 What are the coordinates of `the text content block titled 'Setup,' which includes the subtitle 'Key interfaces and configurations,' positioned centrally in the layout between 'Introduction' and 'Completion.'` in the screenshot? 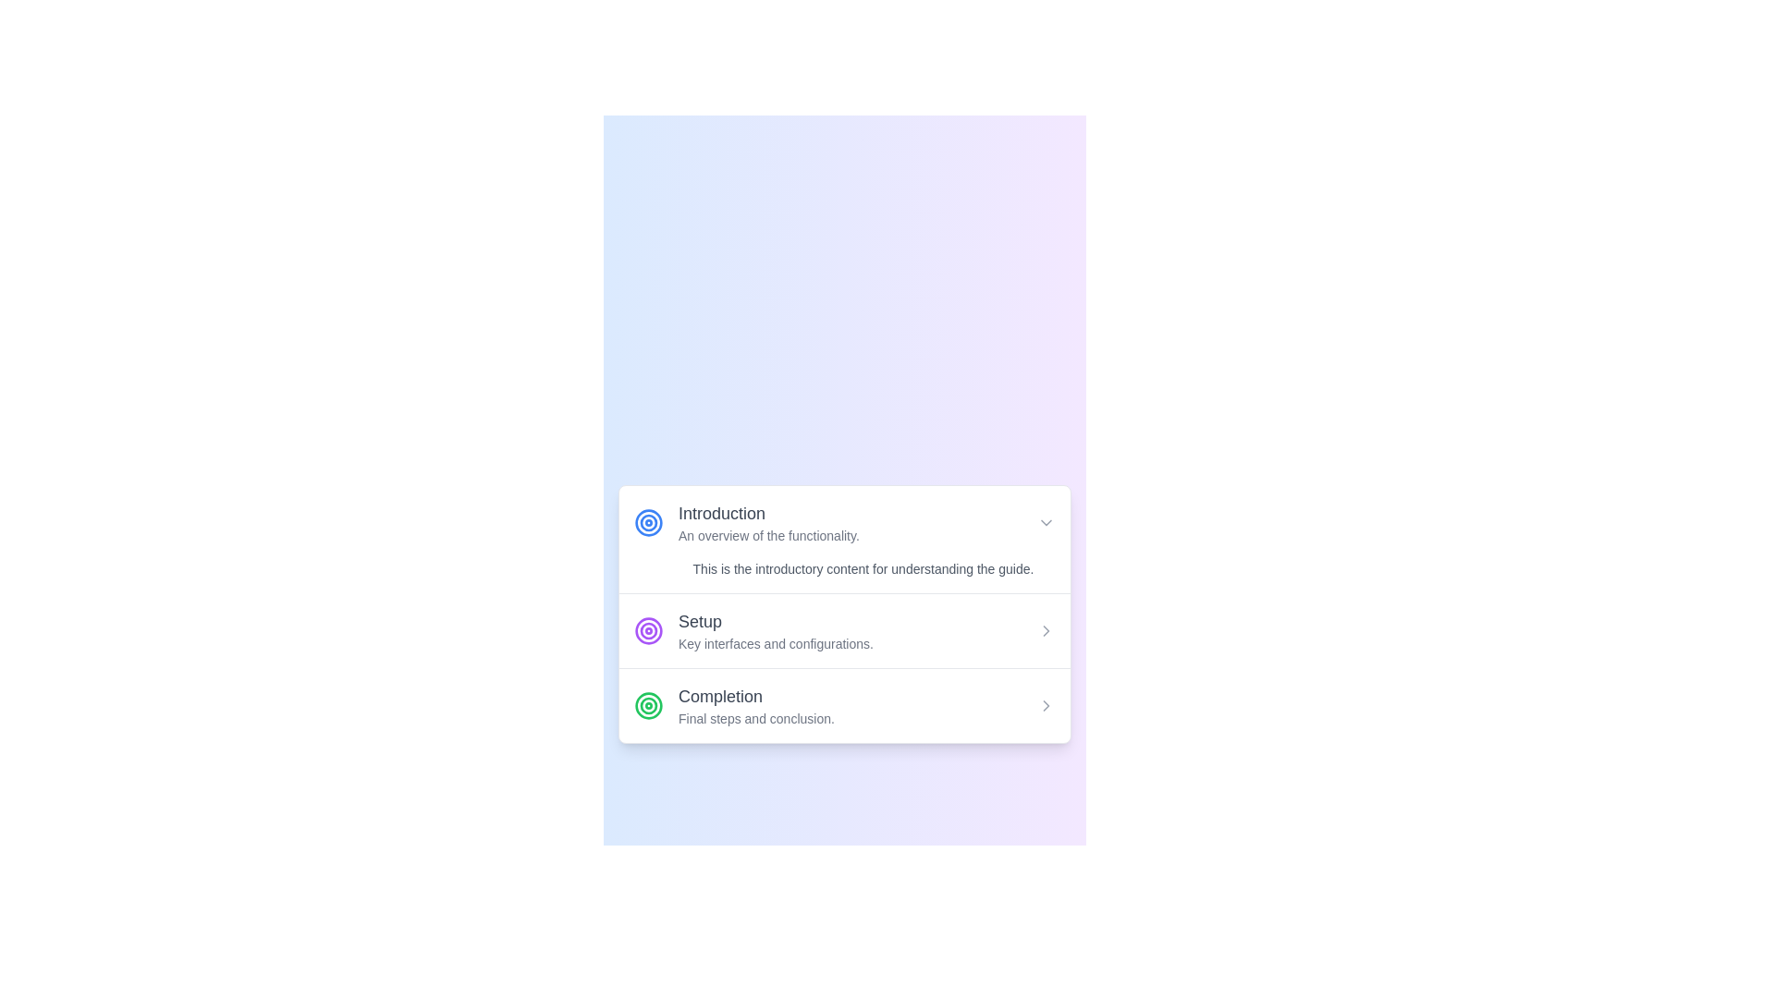 It's located at (776, 629).